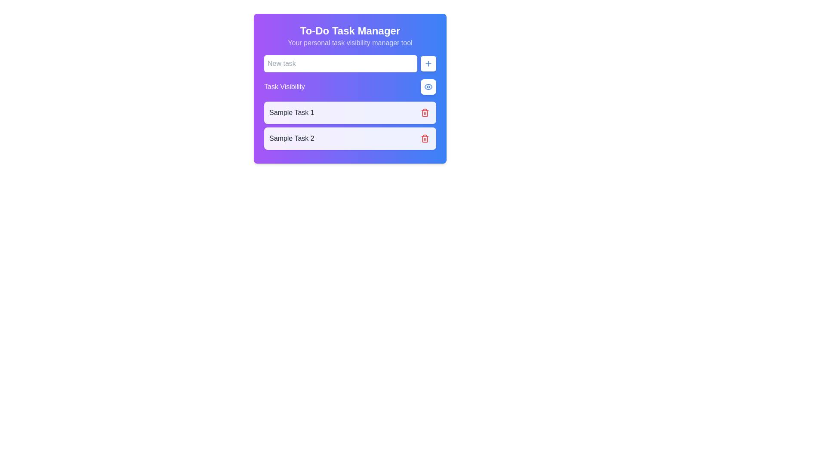  I want to click on the delete icon for the task labeled 'Sample Task 2', which is located on the far right of its row in the task manager interface, so click(425, 139).